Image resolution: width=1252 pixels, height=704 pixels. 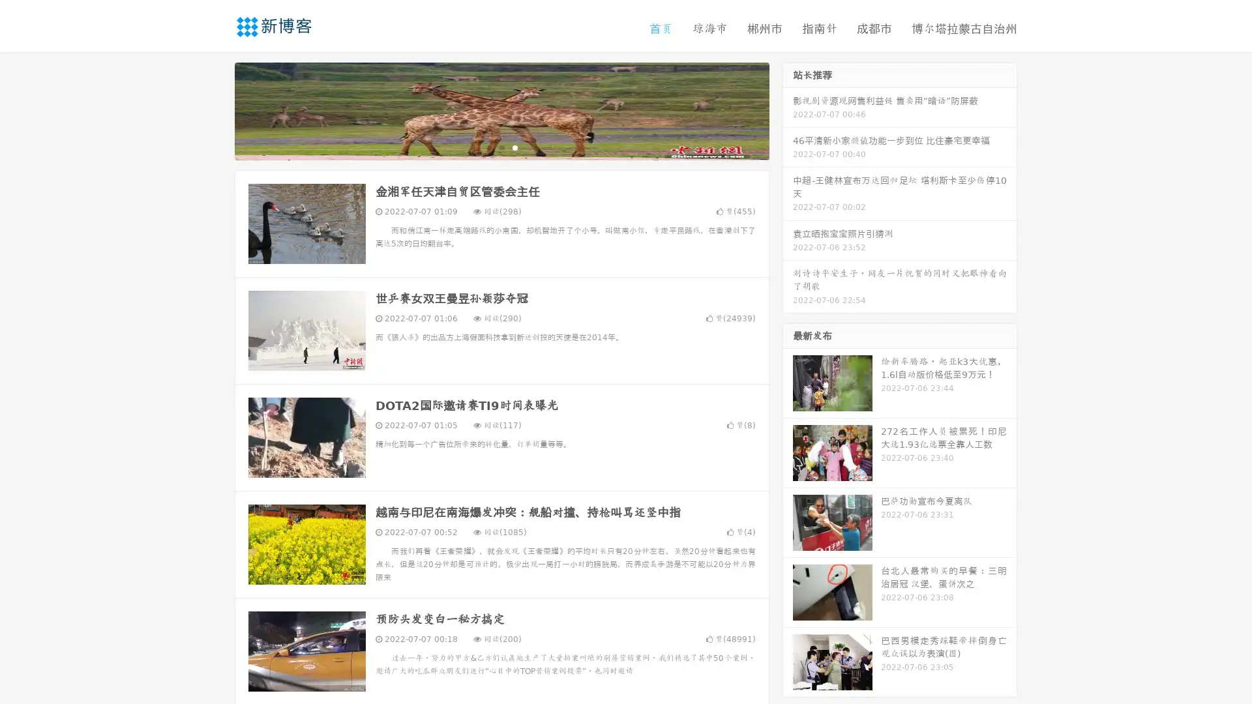 What do you see at coordinates (501, 147) in the screenshot?
I see `Go to slide 2` at bounding box center [501, 147].